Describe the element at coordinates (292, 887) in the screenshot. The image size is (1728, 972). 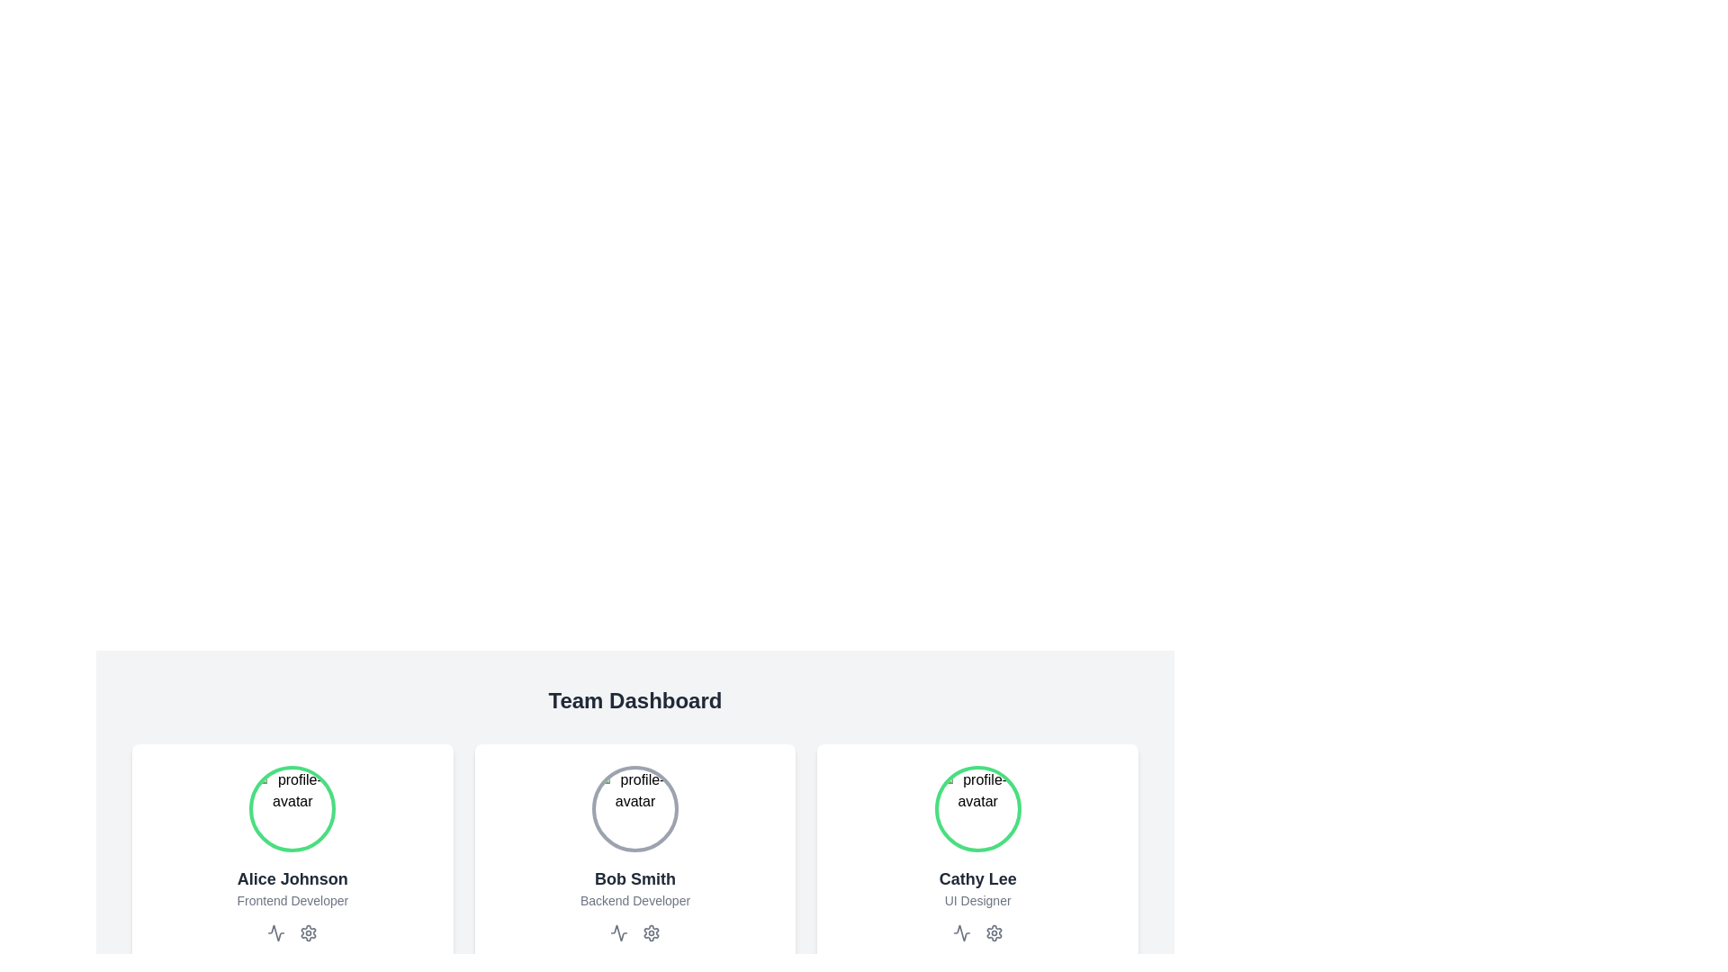
I see `the Text Label displaying 'Alice Johnson' and 'Frontend Developer' located in the leftmost card of a group of three cards, positioned below the circular avatar` at that location.